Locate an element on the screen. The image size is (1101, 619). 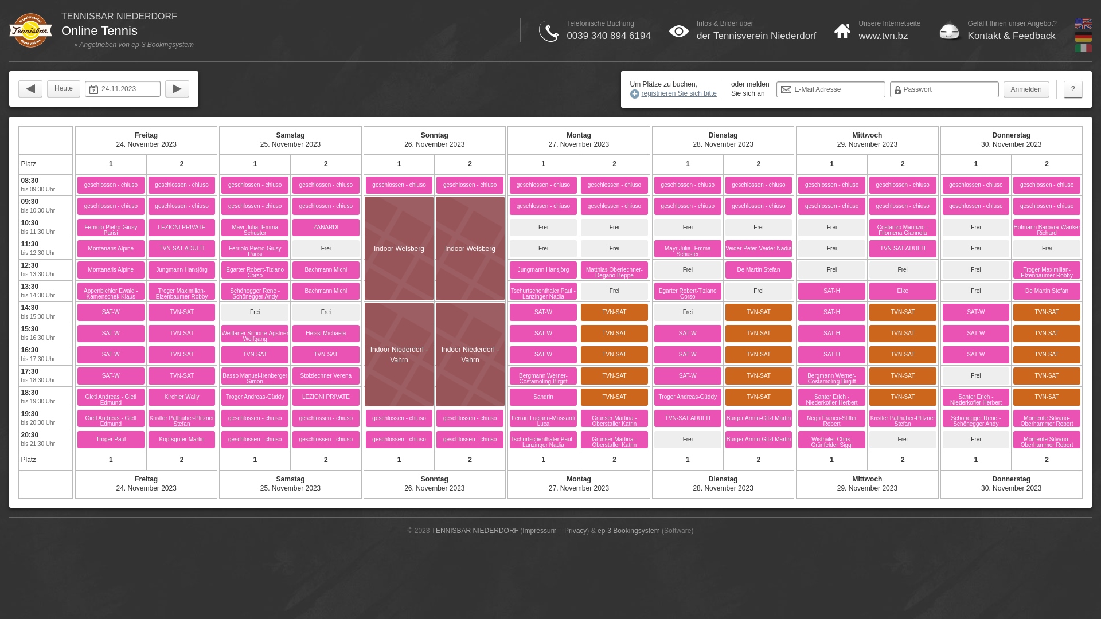
'www.tvn.bz' is located at coordinates (883, 35).